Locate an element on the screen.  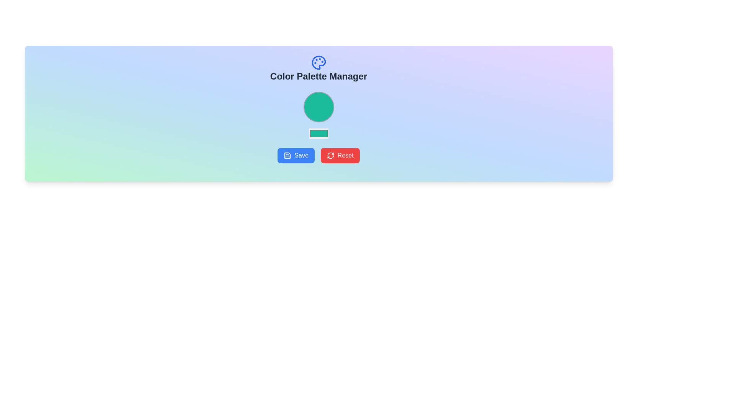
the 'Color Palette Manager' text label, which is styled in bold with a larger font size and is positioned beneath a palette icon for potential future interactions is located at coordinates (318, 76).